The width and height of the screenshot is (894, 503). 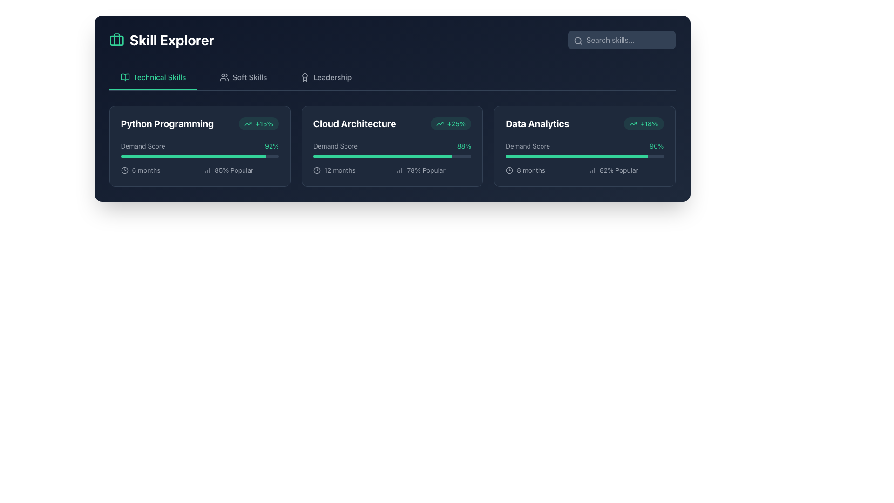 What do you see at coordinates (643, 123) in the screenshot?
I see `percentage '+18%' and trend indicated by the upward trending arrow icon on the badge located at the top-right corner of the 'Data Analytics' card` at bounding box center [643, 123].